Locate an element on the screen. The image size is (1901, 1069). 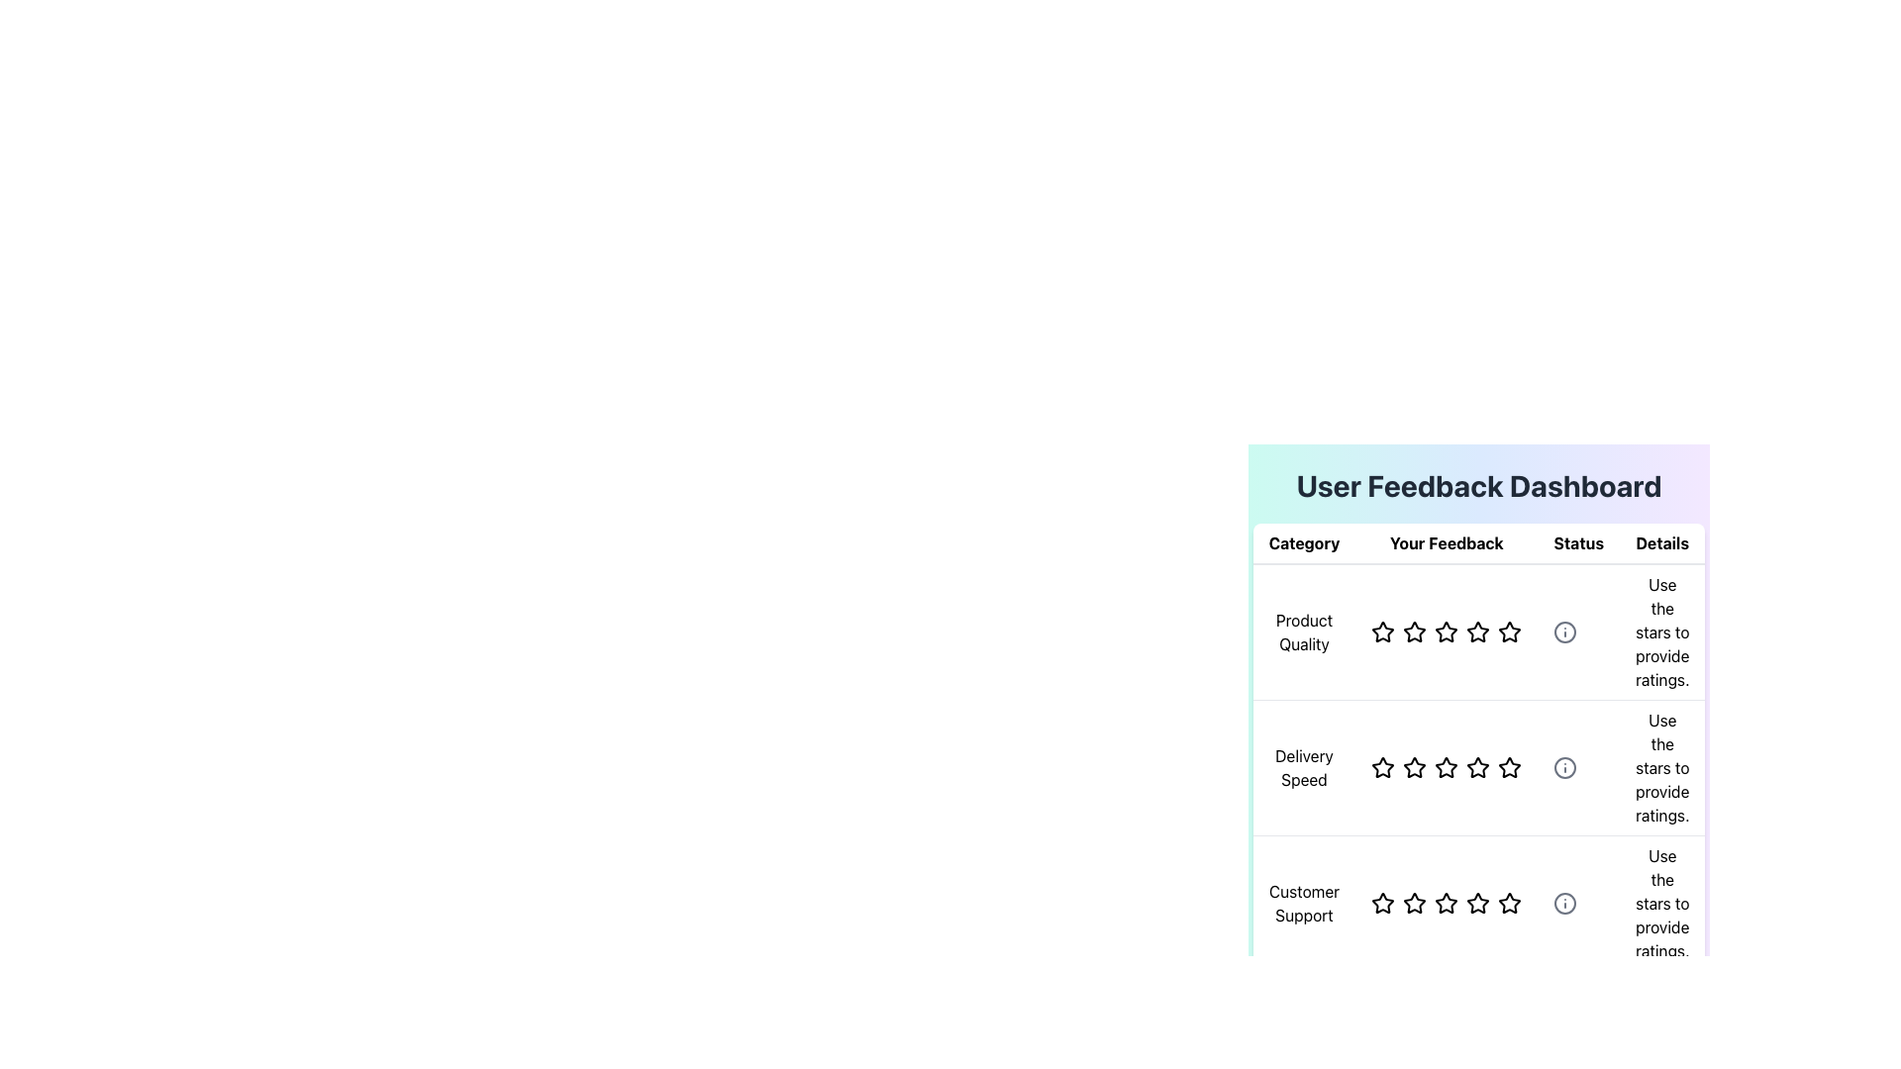
the first rating star in the 'Your Feedback' column for the 'Customer Support' category is located at coordinates (1382, 904).